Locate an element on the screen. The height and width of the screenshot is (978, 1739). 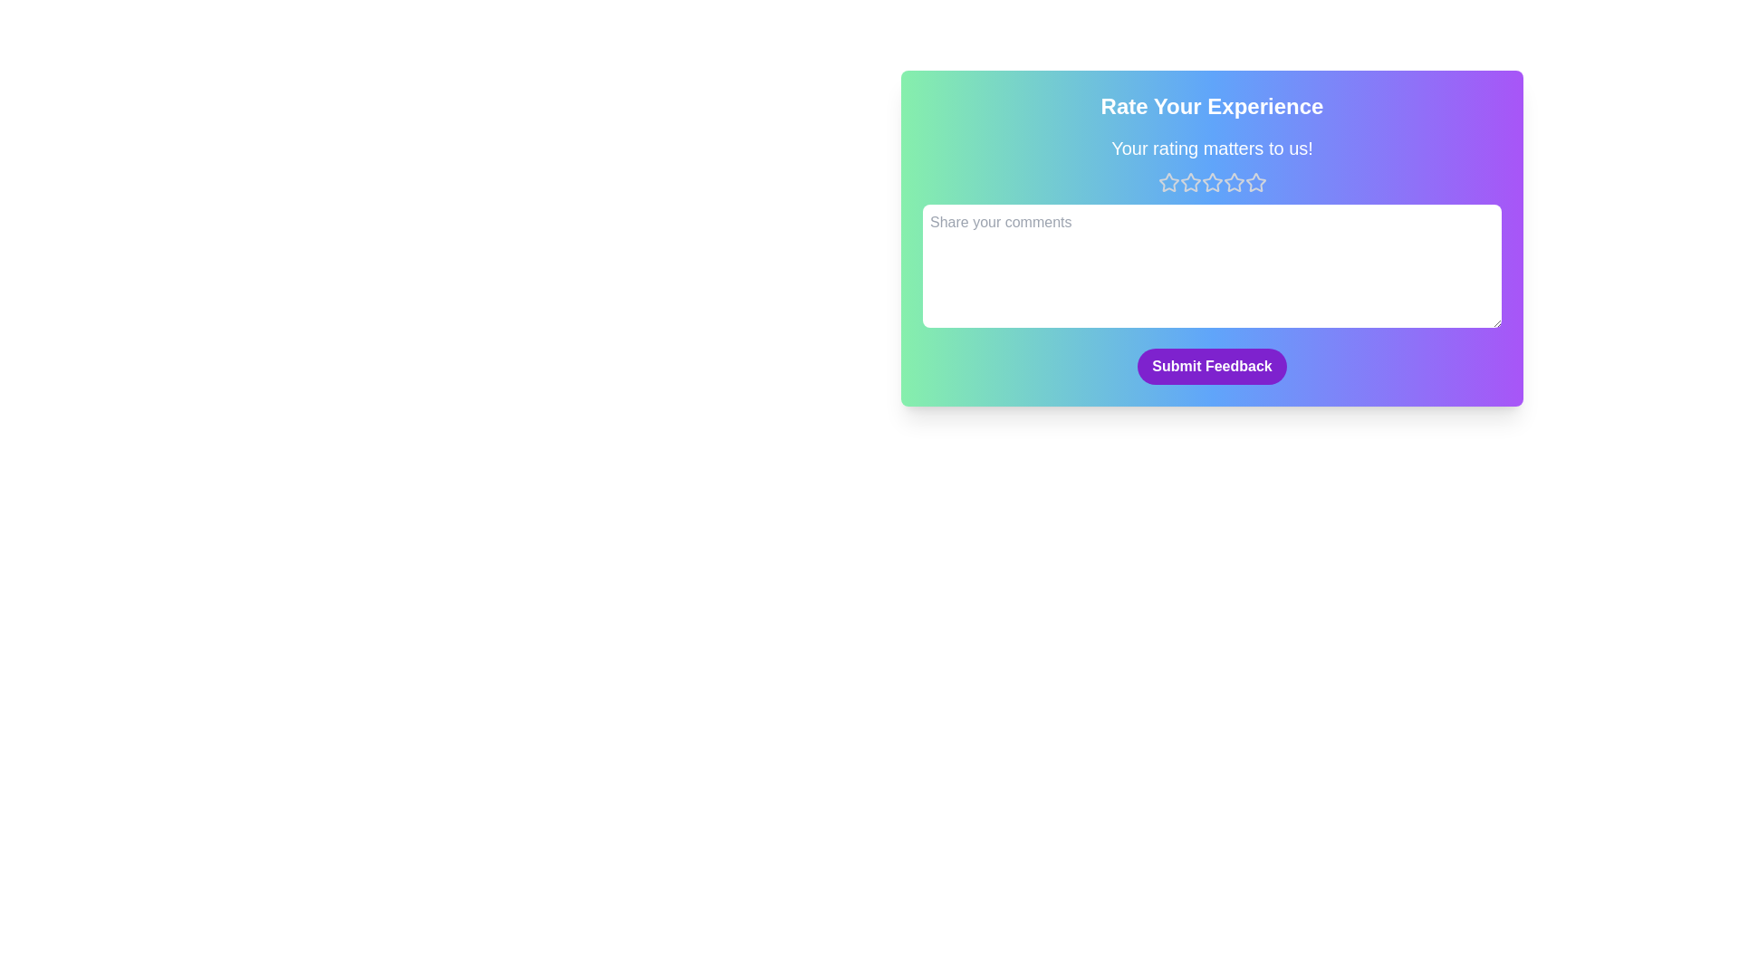
the star corresponding to the desired rating value 2 is located at coordinates (1190, 182).